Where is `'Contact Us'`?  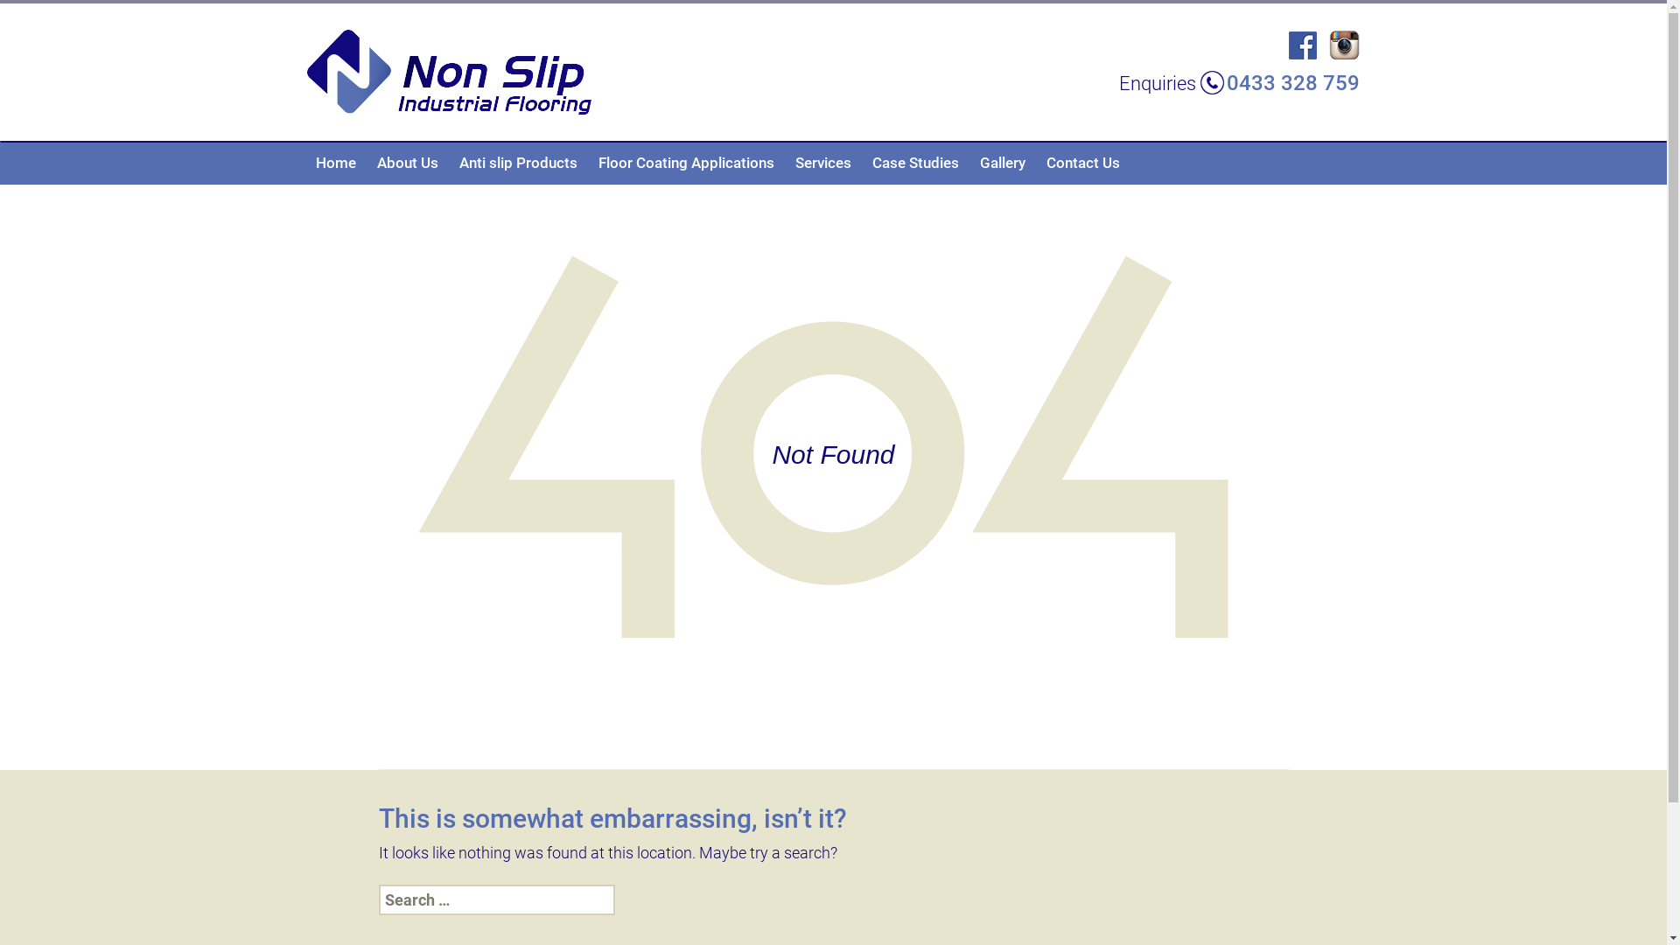
'Contact Us' is located at coordinates (1037, 163).